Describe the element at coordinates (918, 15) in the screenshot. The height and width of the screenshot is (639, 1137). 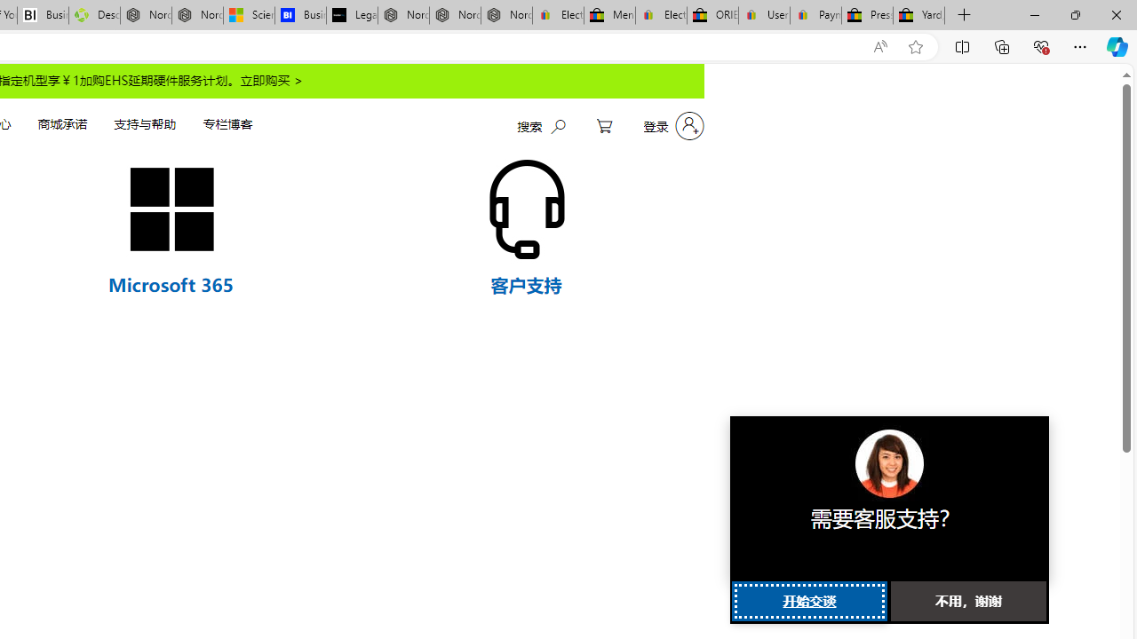
I see `'Yard, Garden & Outdoor Living'` at that location.